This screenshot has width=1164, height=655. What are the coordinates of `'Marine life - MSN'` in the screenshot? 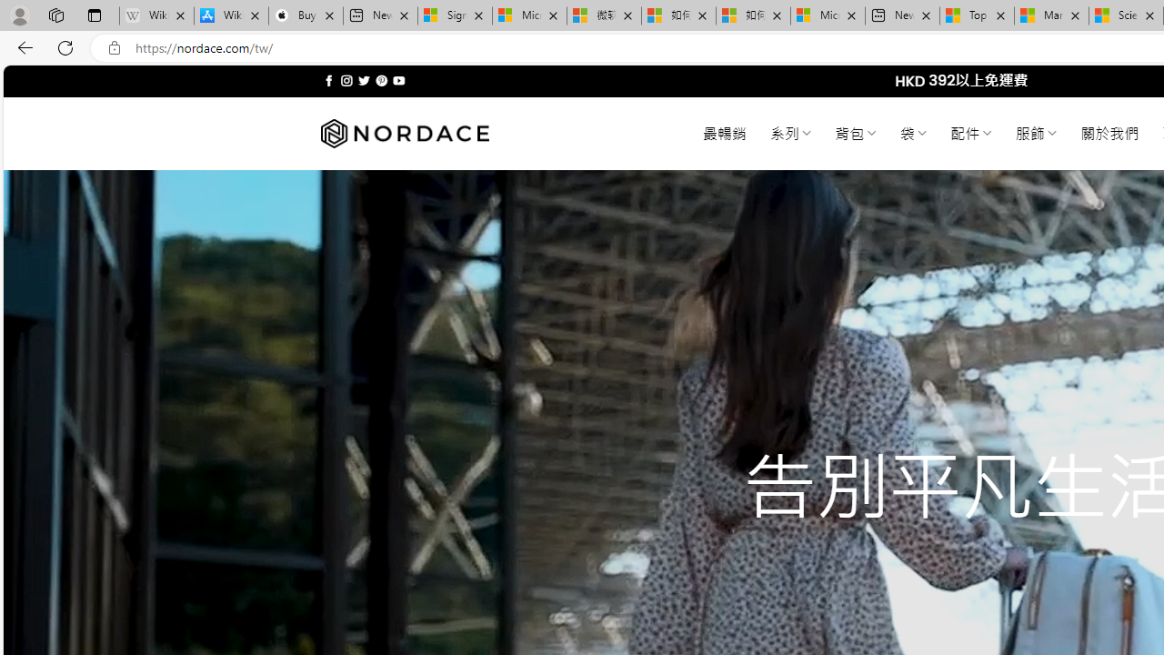 It's located at (1051, 15).